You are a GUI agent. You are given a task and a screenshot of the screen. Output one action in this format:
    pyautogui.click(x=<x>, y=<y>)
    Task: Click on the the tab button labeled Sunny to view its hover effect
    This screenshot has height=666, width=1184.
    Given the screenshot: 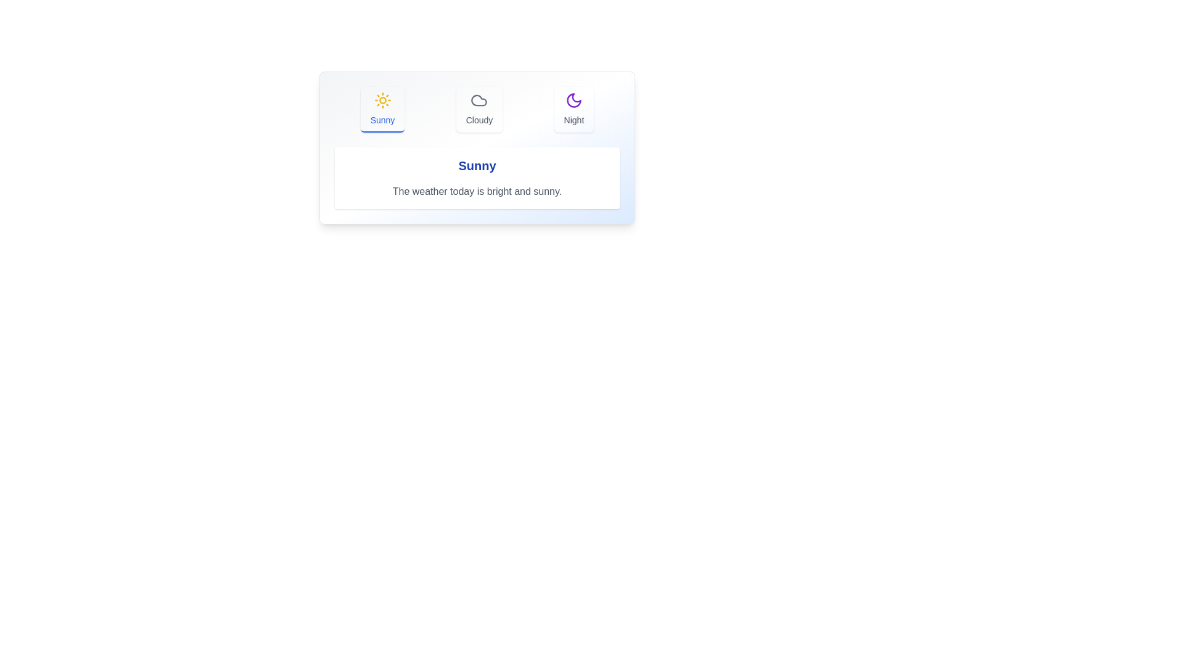 What is the action you would take?
    pyautogui.click(x=382, y=109)
    